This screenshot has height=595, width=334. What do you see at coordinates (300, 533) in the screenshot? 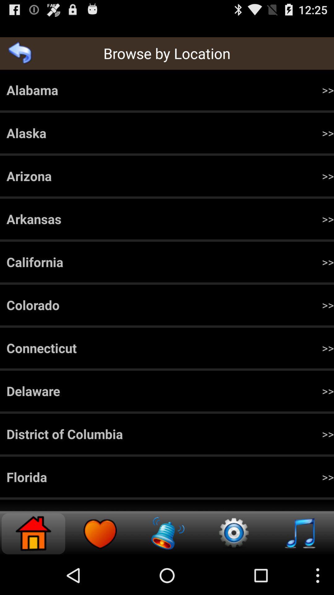
I see `the bottom corner music option` at bounding box center [300, 533].